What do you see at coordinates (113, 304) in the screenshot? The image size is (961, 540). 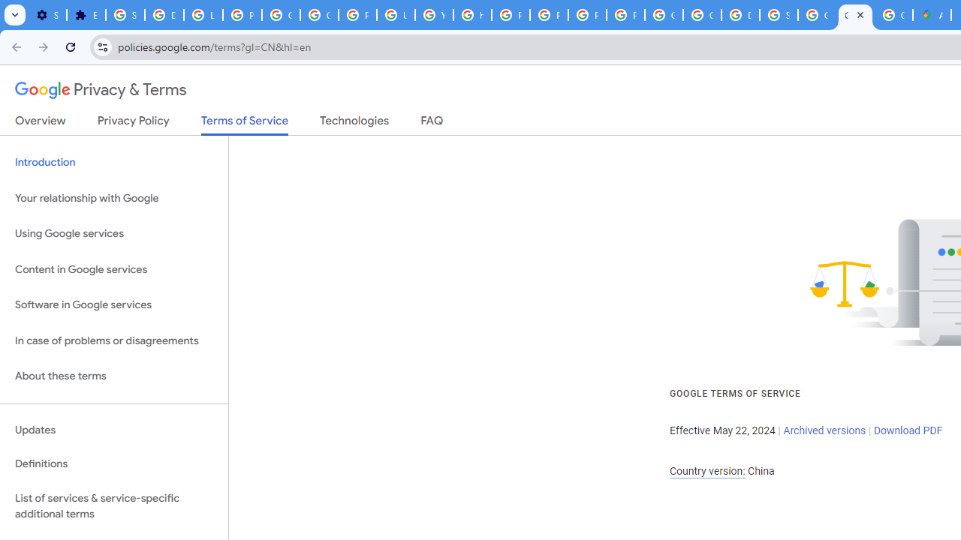 I see `'Software in Google services'` at bounding box center [113, 304].